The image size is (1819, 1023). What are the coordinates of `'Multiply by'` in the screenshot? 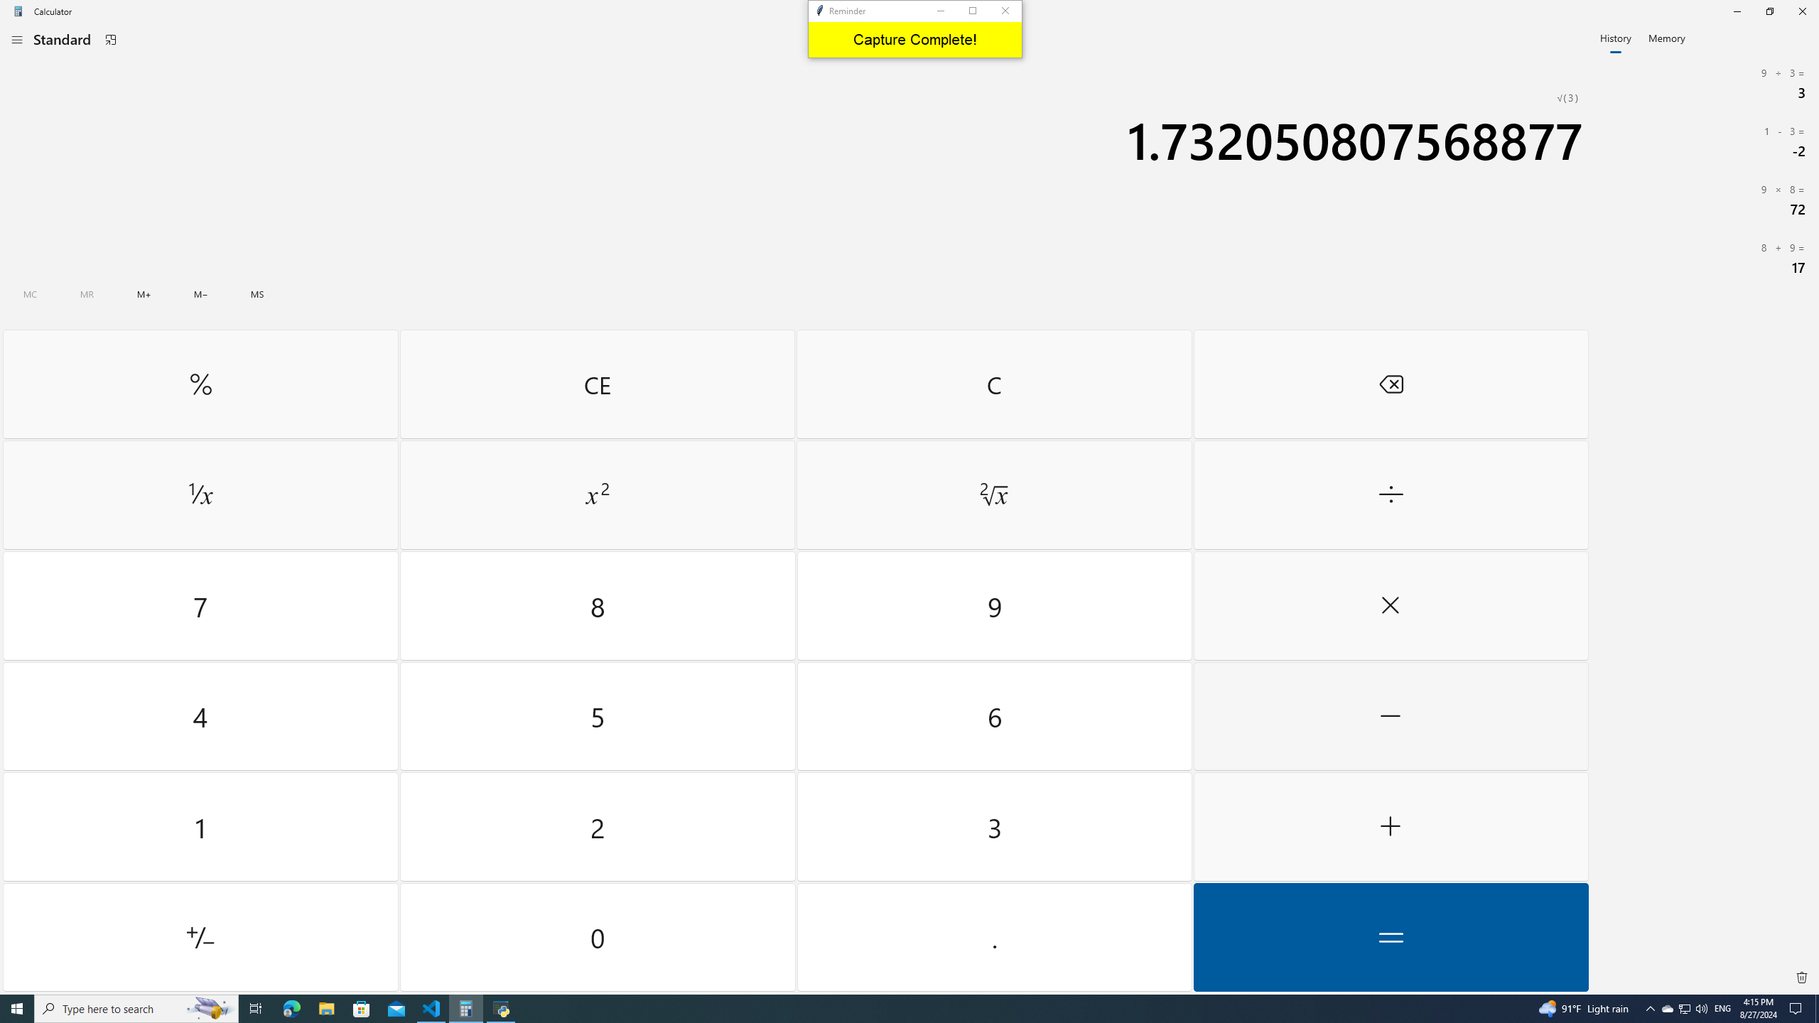 It's located at (1390, 606).